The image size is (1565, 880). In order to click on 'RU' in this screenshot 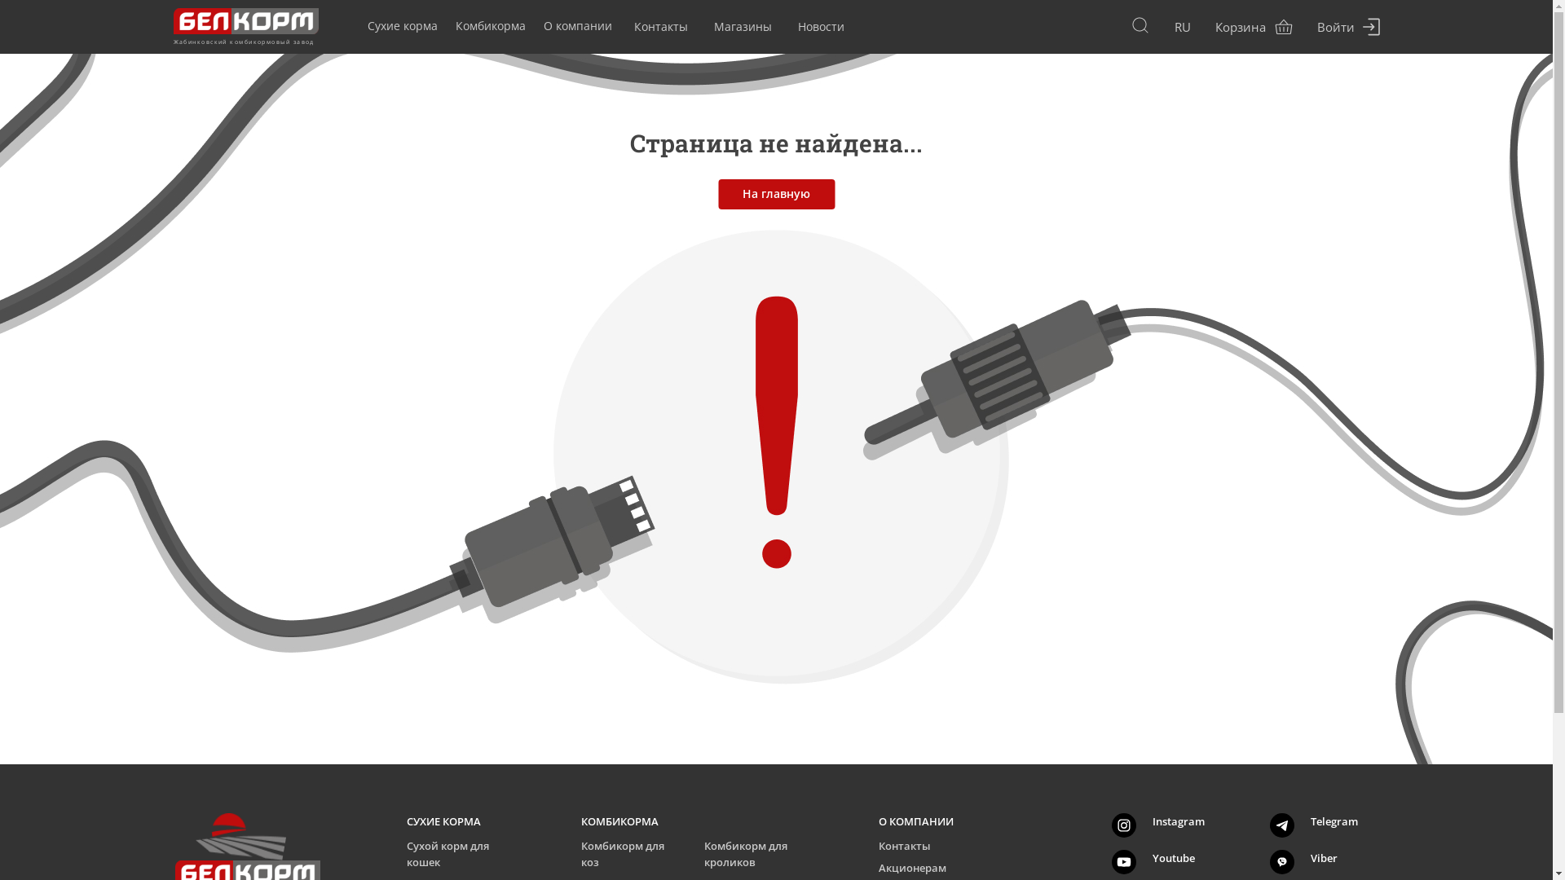, I will do `click(1174, 27)`.